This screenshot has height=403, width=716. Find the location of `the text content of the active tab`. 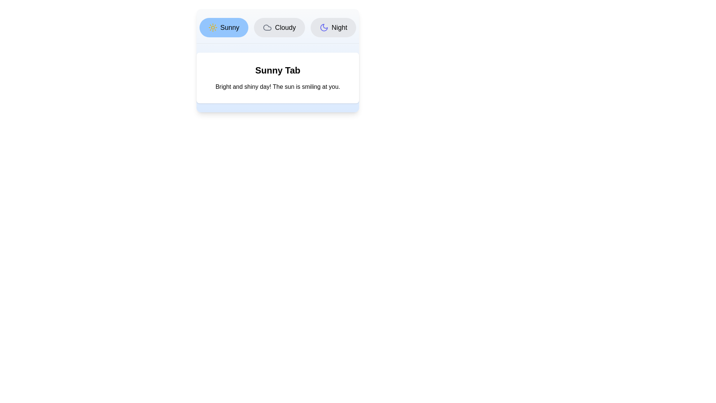

the text content of the active tab is located at coordinates (277, 86).